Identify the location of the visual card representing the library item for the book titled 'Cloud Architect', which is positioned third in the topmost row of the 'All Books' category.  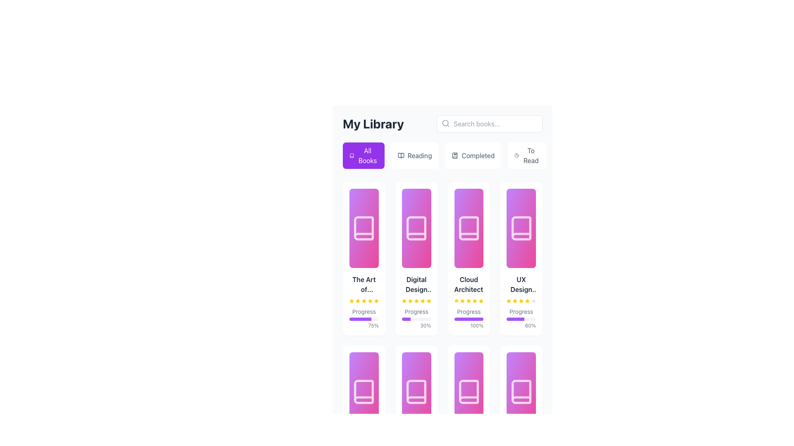
(469, 228).